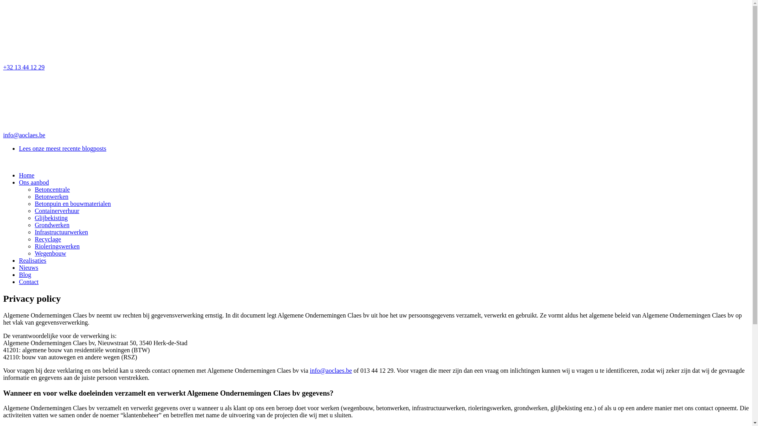  Describe the element at coordinates (331, 370) in the screenshot. I see `'info@aoclaes.be'` at that location.